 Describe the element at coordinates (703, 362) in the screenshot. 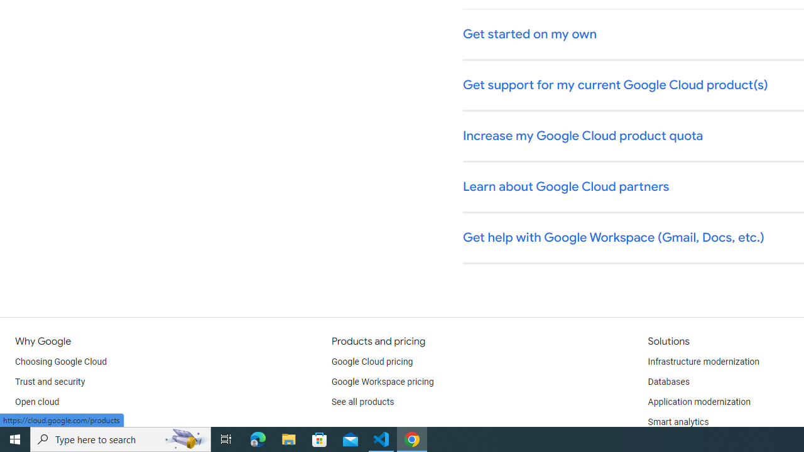

I see `'Infrastructure modernization'` at that location.